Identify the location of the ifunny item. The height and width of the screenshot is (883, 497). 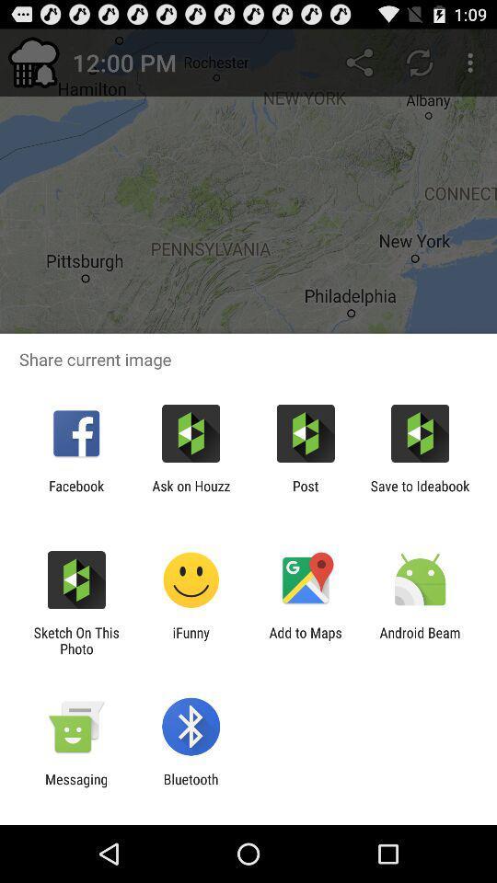
(190, 640).